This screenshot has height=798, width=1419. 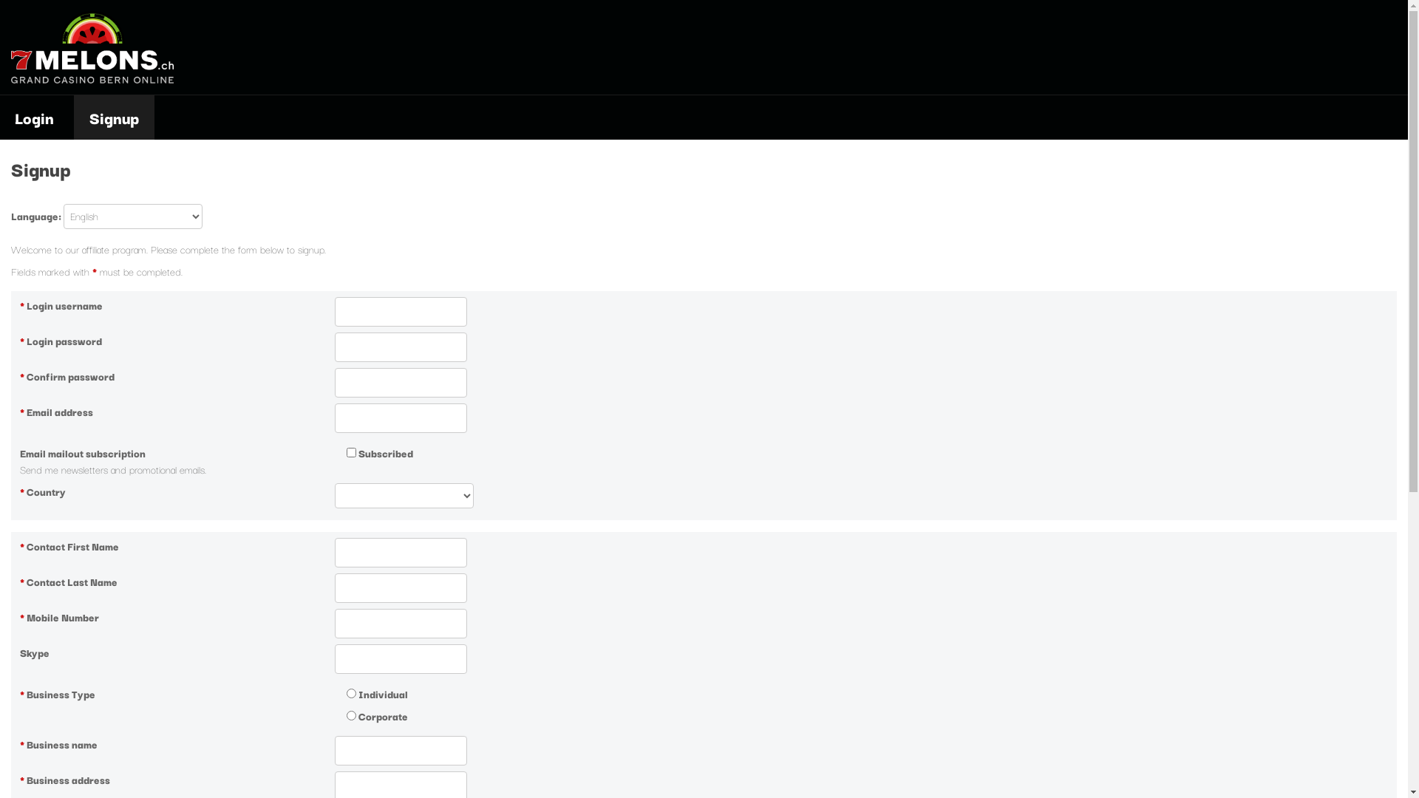 What do you see at coordinates (91, 79) in the screenshot?
I see `'Home'` at bounding box center [91, 79].